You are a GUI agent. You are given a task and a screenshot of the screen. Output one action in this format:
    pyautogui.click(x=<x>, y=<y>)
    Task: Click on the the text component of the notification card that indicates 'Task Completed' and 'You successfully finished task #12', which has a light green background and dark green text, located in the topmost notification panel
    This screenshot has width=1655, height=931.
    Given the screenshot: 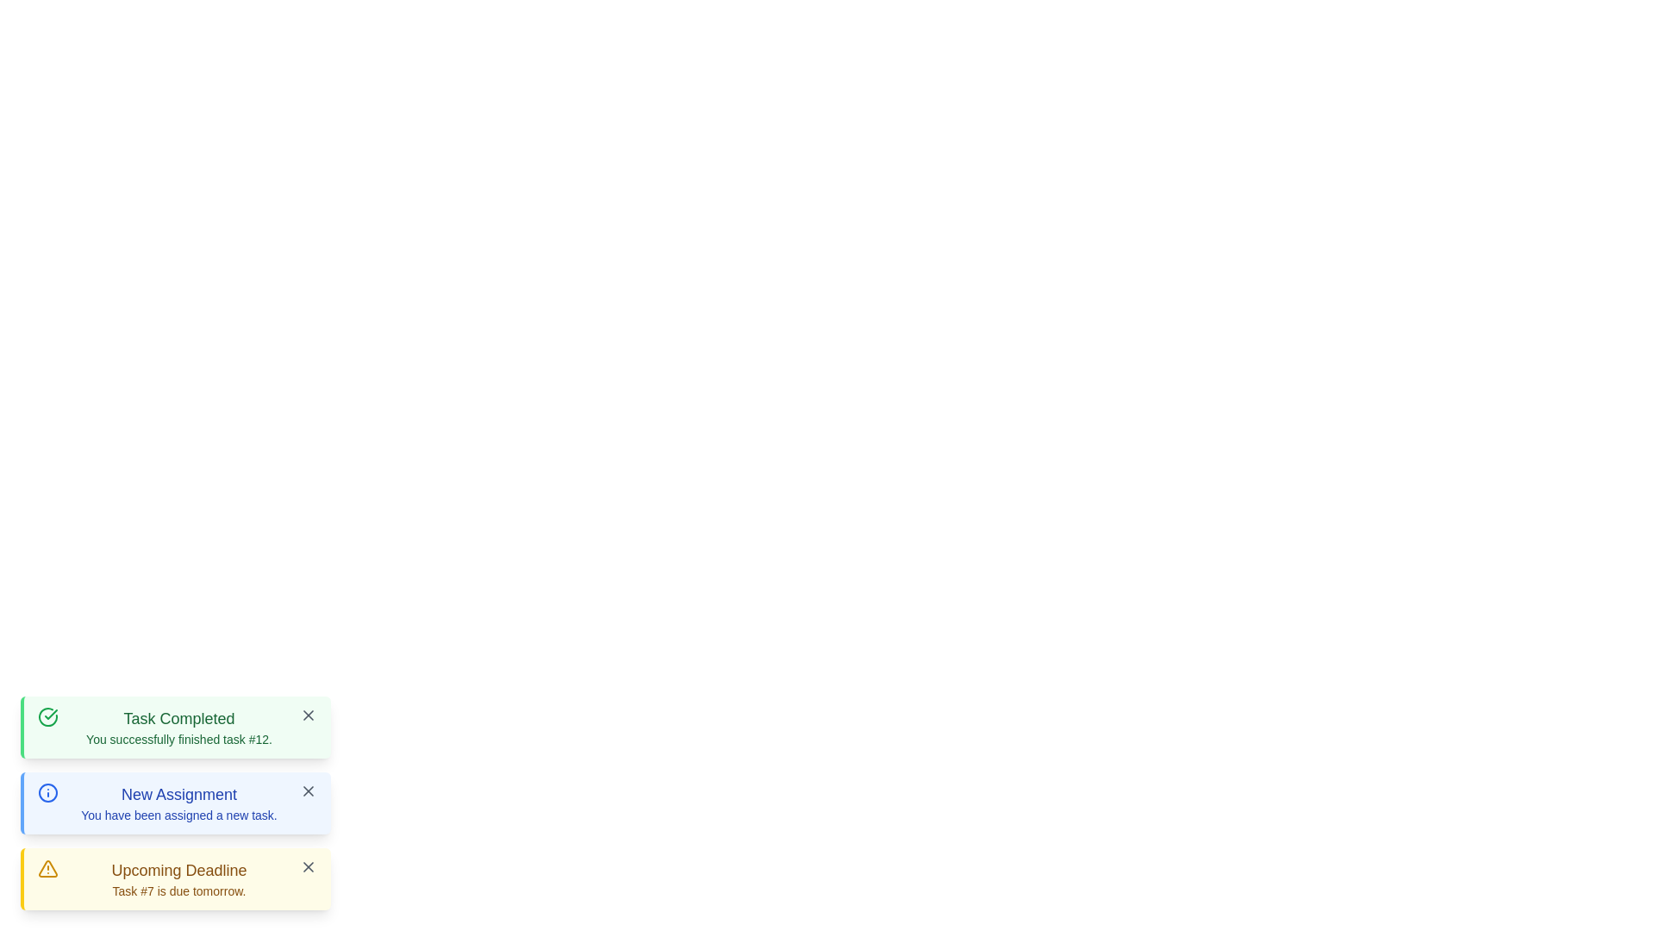 What is the action you would take?
    pyautogui.click(x=178, y=728)
    